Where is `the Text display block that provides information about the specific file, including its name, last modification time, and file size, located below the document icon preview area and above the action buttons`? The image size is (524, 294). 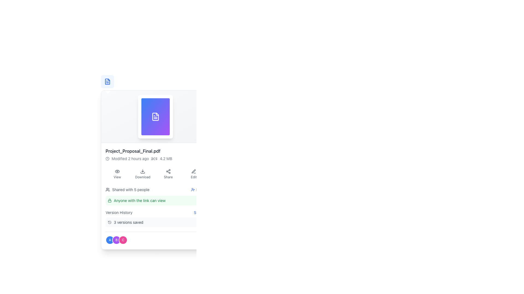 the Text display block that provides information about the specific file, including its name, last modification time, and file size, located below the document icon preview area and above the action buttons is located at coordinates (155, 154).